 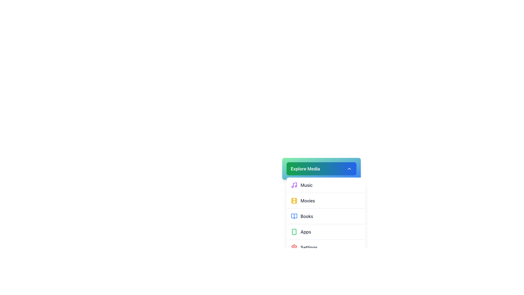 I want to click on the Decorative Icon associated with the 'Music' menu item in the dropdown menu under 'Explore Media', so click(x=294, y=184).